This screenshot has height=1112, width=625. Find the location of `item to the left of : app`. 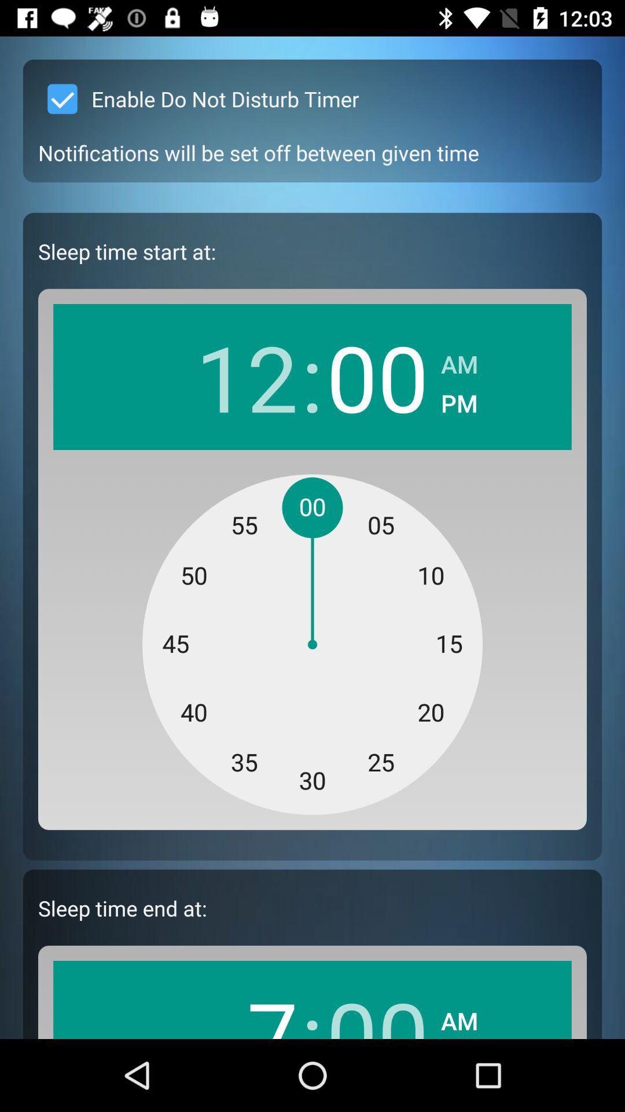

item to the left of : app is located at coordinates (246, 1005).